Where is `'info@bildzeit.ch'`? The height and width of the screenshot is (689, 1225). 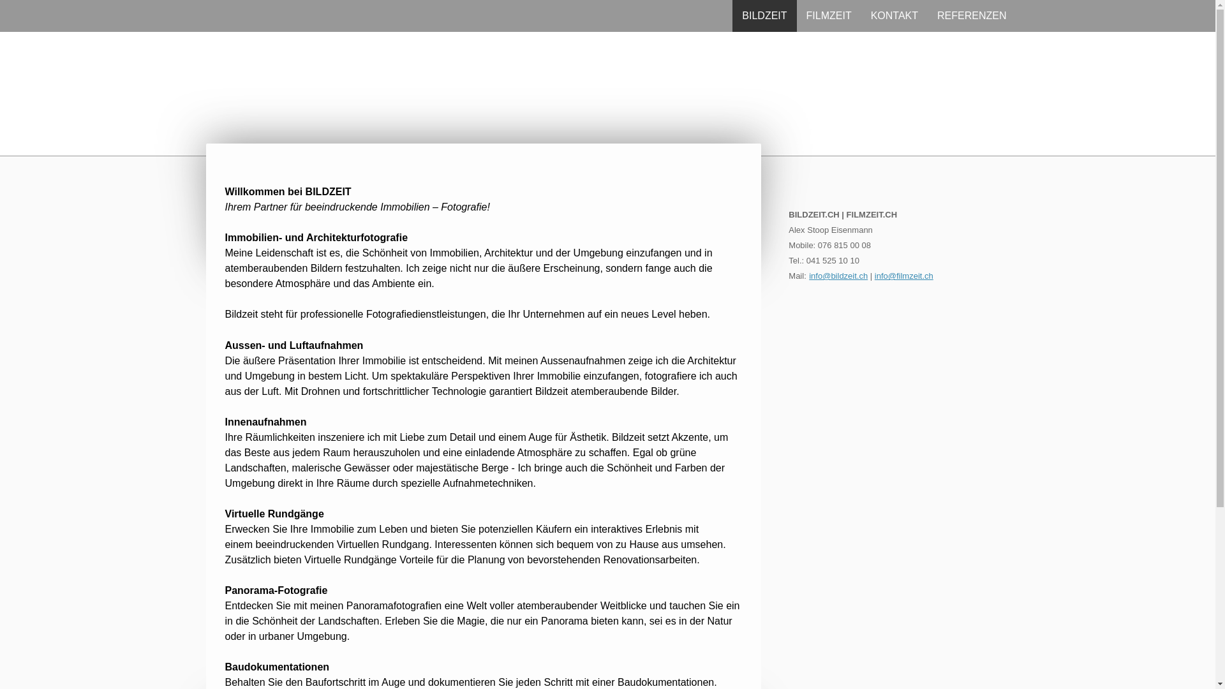 'info@bildzeit.ch' is located at coordinates (838, 275).